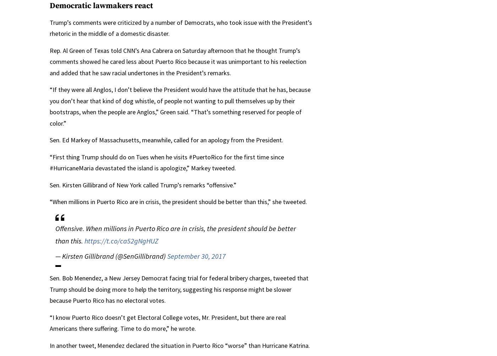 This screenshot has height=356, width=497. Describe the element at coordinates (101, 6) in the screenshot. I see `'Democratic lawmakers react'` at that location.